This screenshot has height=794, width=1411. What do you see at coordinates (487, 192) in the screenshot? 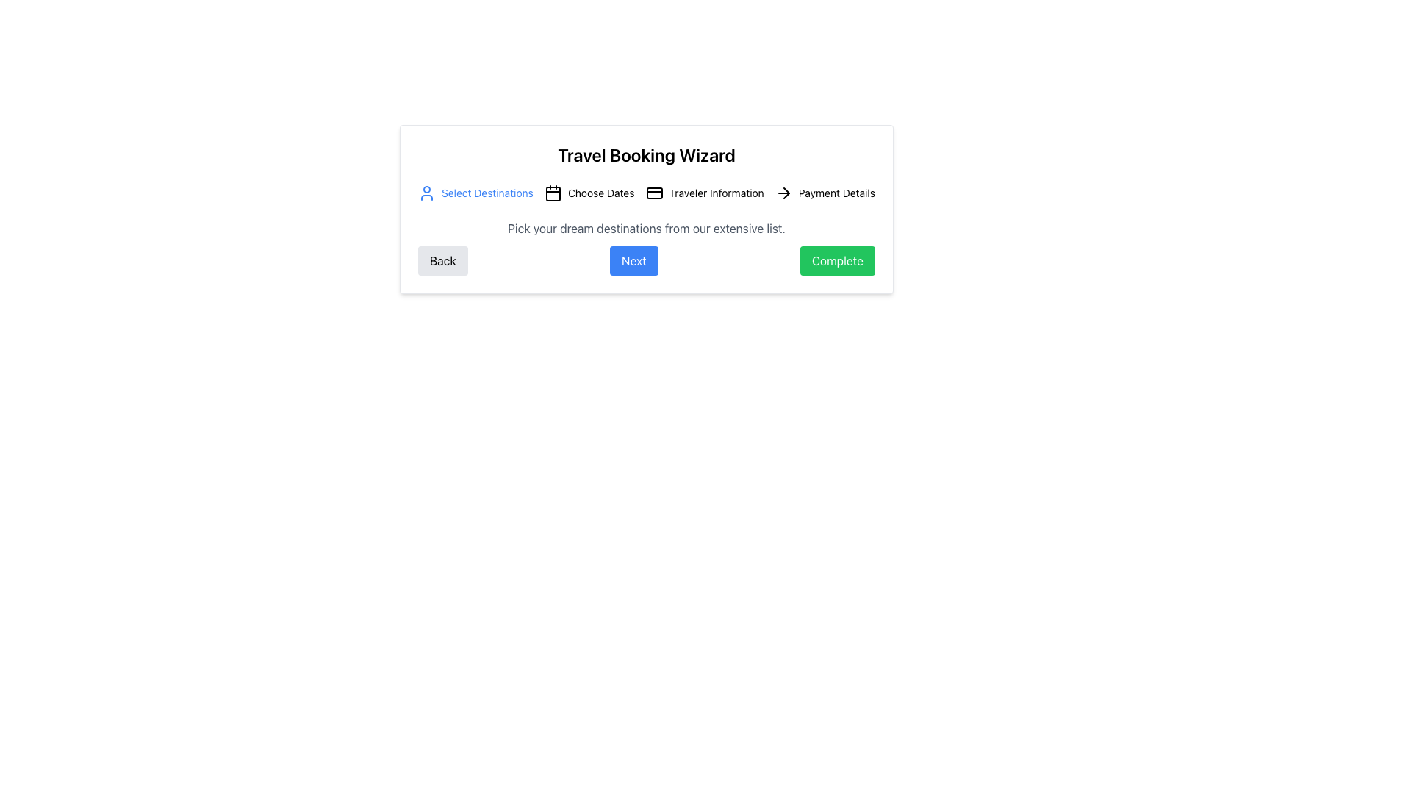
I see `the text label indicating a specific step or option within the navigation process` at bounding box center [487, 192].